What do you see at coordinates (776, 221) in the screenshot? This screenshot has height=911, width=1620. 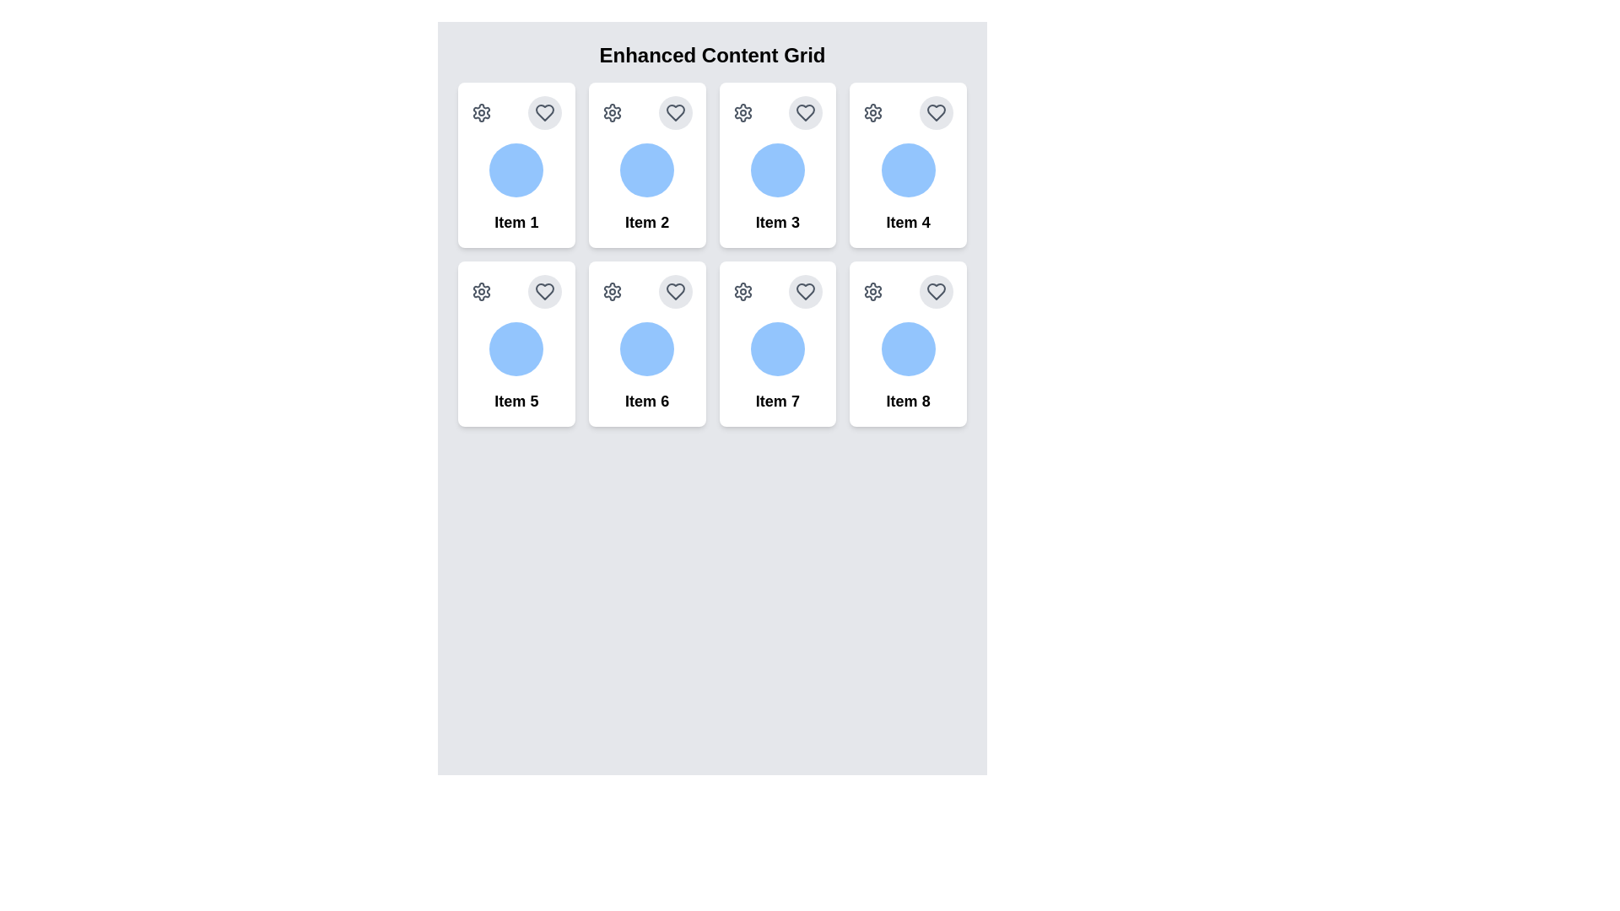 I see `the text label that identifies the card as 'Item 3', which is located at the bottom of its card in the first row of the grid layout` at bounding box center [776, 221].